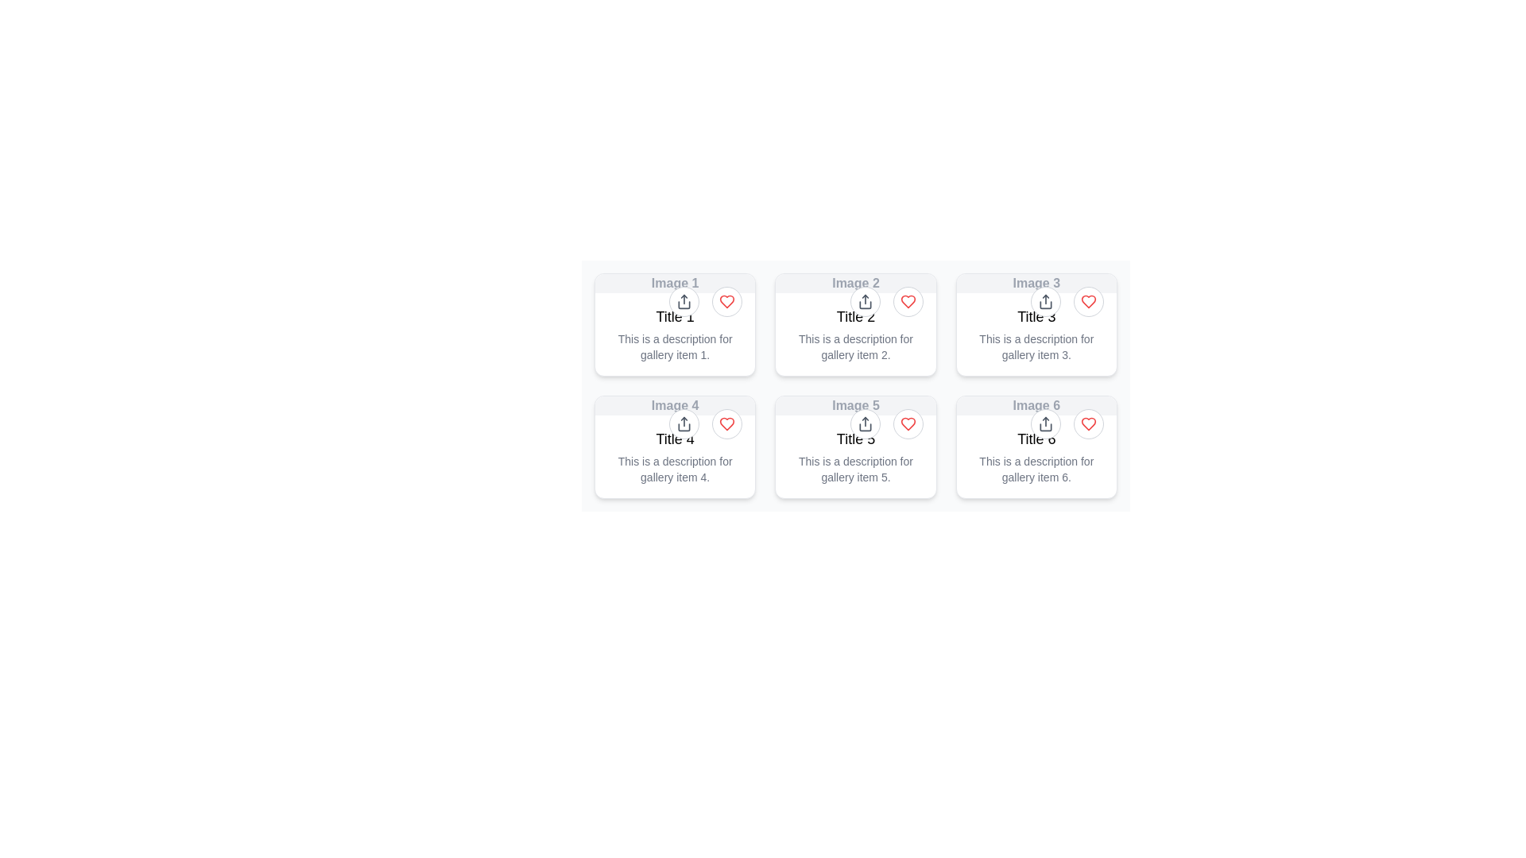 This screenshot has width=1526, height=858. Describe the element at coordinates (726, 423) in the screenshot. I see `the circular button with a white background, gray border, and red heart icon located in the top-right corner of the card labeled 'Image 4 Title 4'` at that location.